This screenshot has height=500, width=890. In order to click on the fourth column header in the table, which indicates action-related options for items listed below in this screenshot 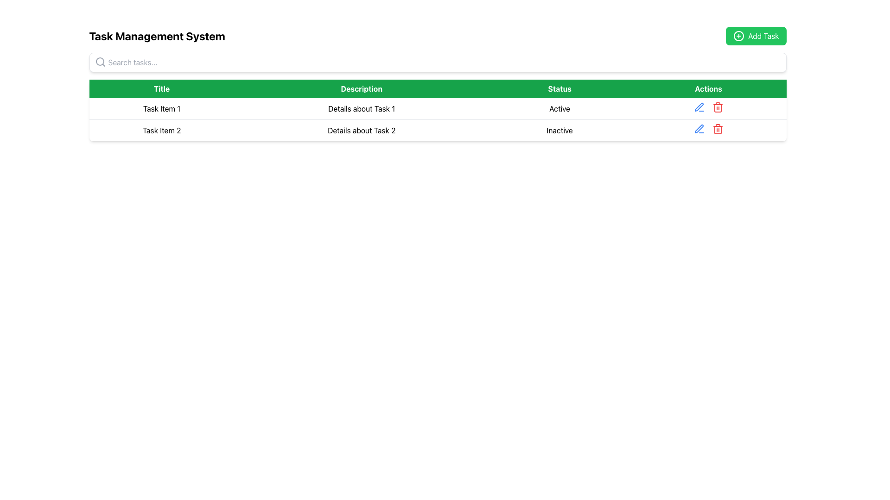, I will do `click(708, 89)`.